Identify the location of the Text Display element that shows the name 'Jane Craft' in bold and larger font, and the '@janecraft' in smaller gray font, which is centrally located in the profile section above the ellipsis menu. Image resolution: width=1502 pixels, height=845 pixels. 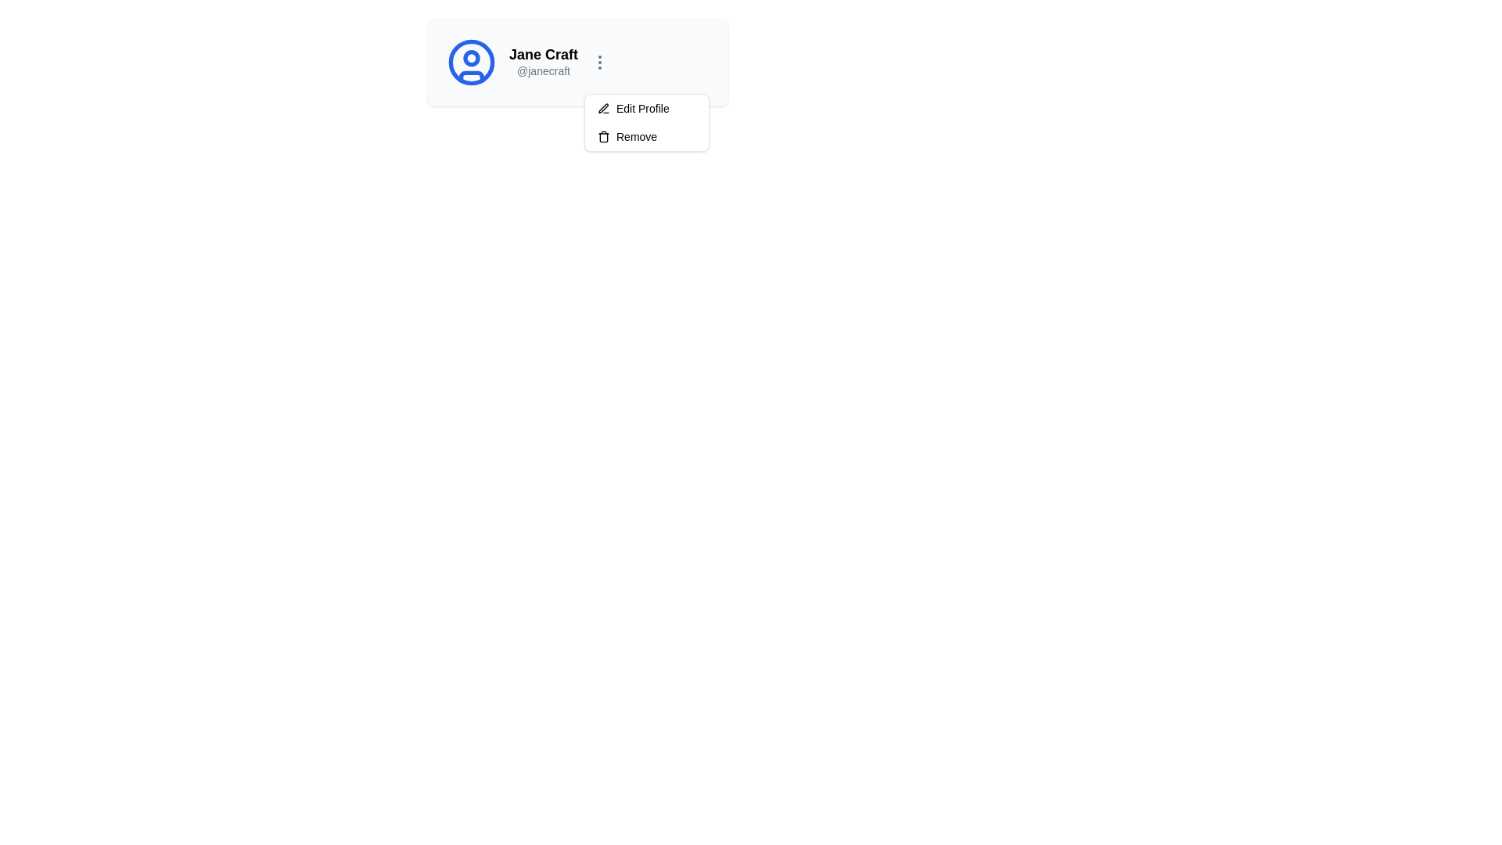
(544, 62).